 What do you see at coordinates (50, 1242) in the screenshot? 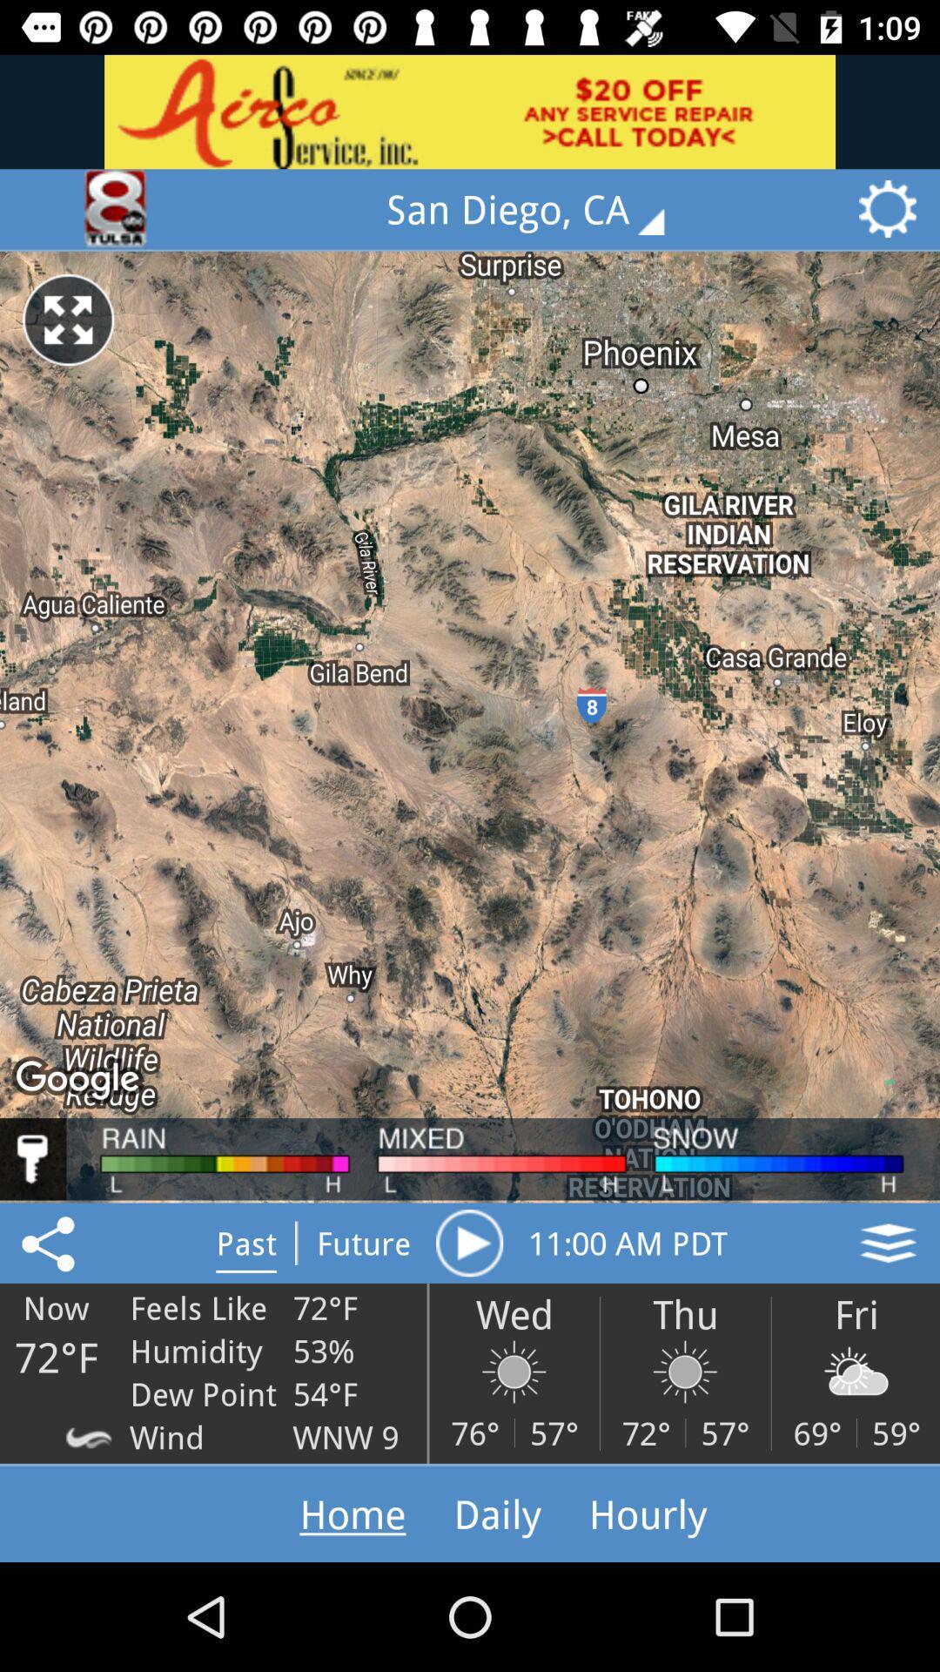
I see `the share icon` at bounding box center [50, 1242].